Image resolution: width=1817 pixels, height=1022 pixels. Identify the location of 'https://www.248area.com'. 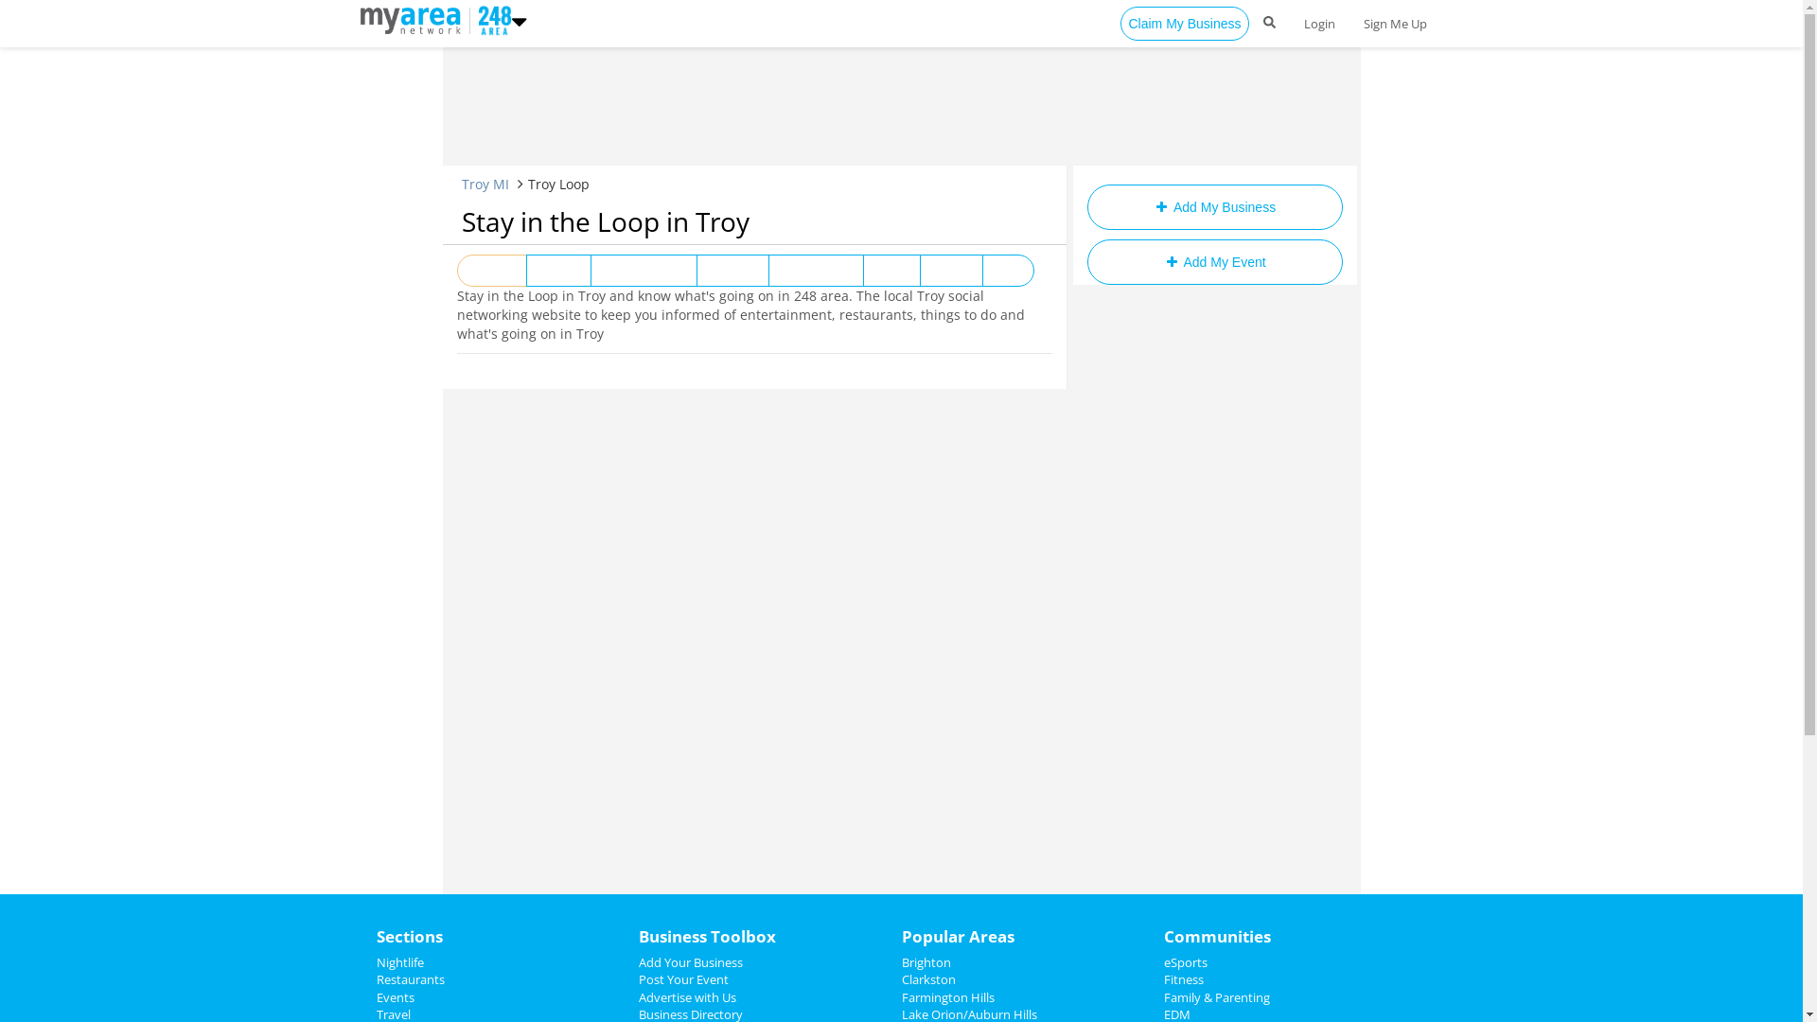
(413, 18).